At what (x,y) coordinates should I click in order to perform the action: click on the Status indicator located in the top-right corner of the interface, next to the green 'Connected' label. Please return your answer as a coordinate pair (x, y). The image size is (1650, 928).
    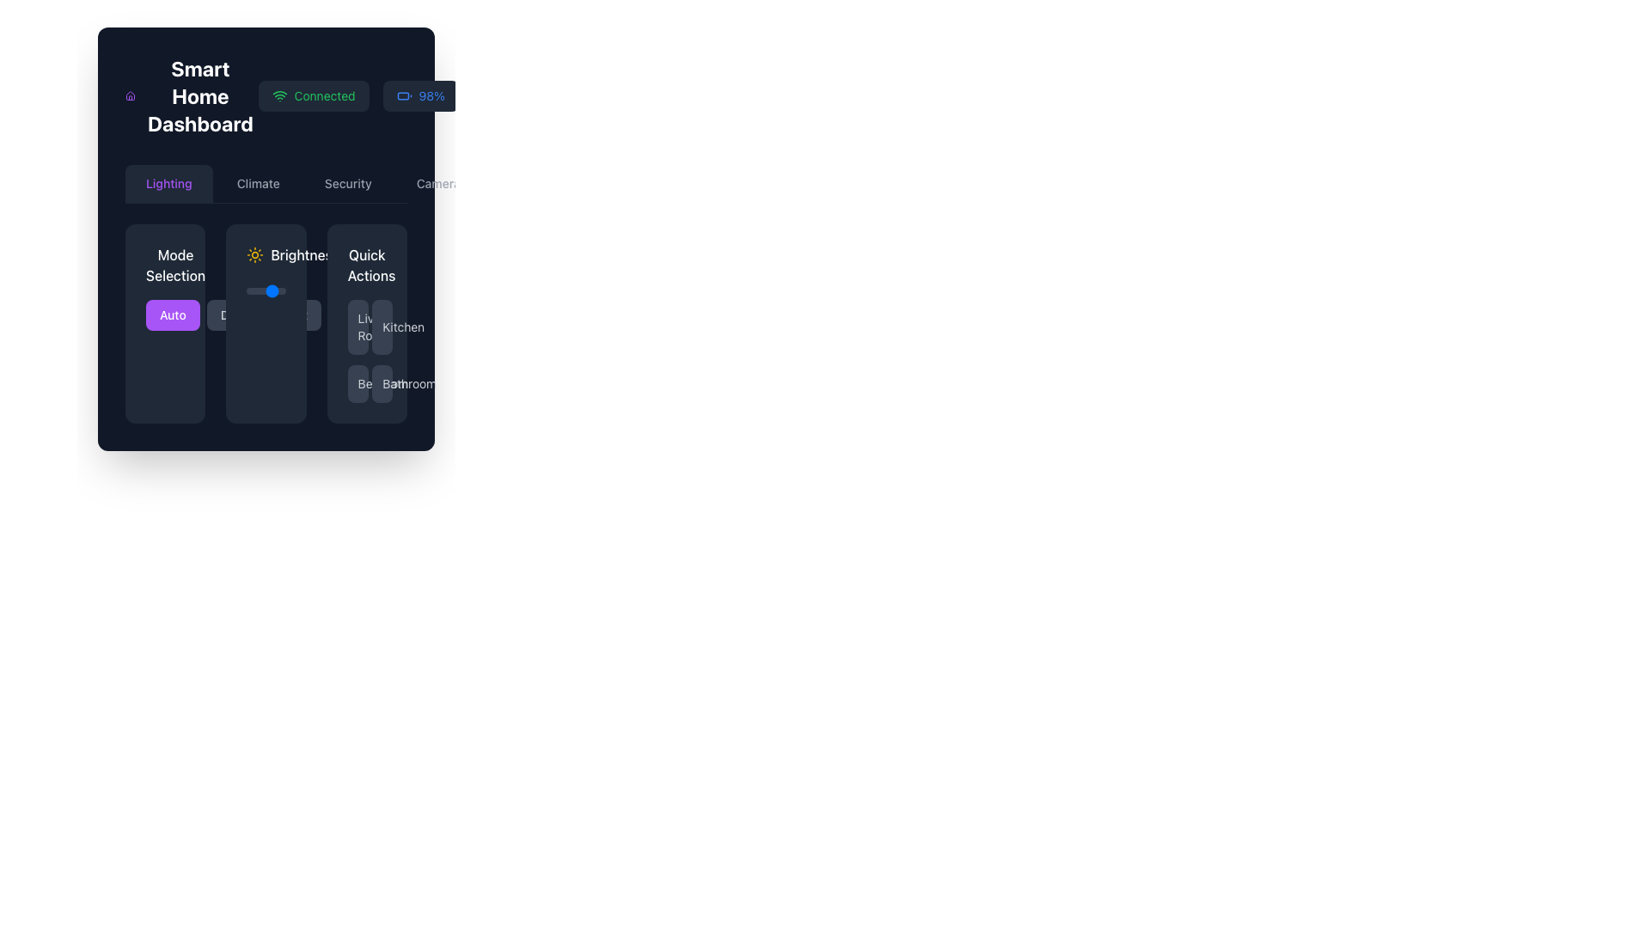
    Looking at the image, I should click on (420, 95).